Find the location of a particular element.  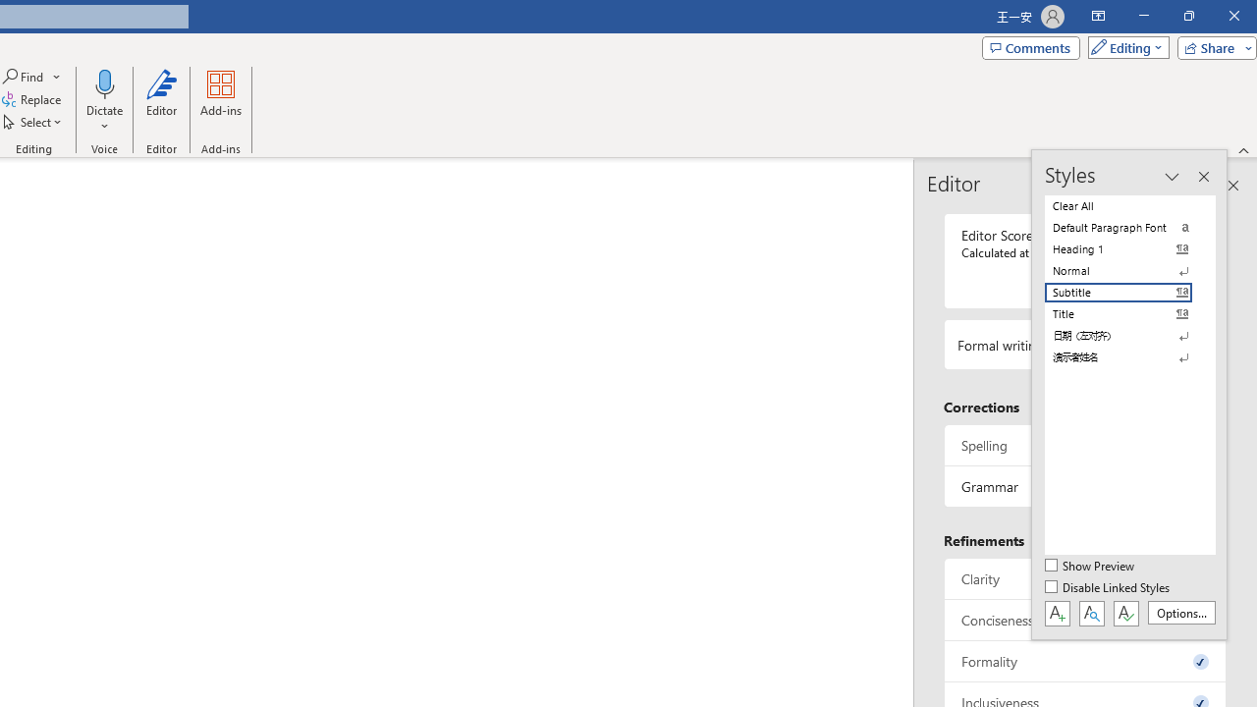

'Options...' is located at coordinates (1180, 611).